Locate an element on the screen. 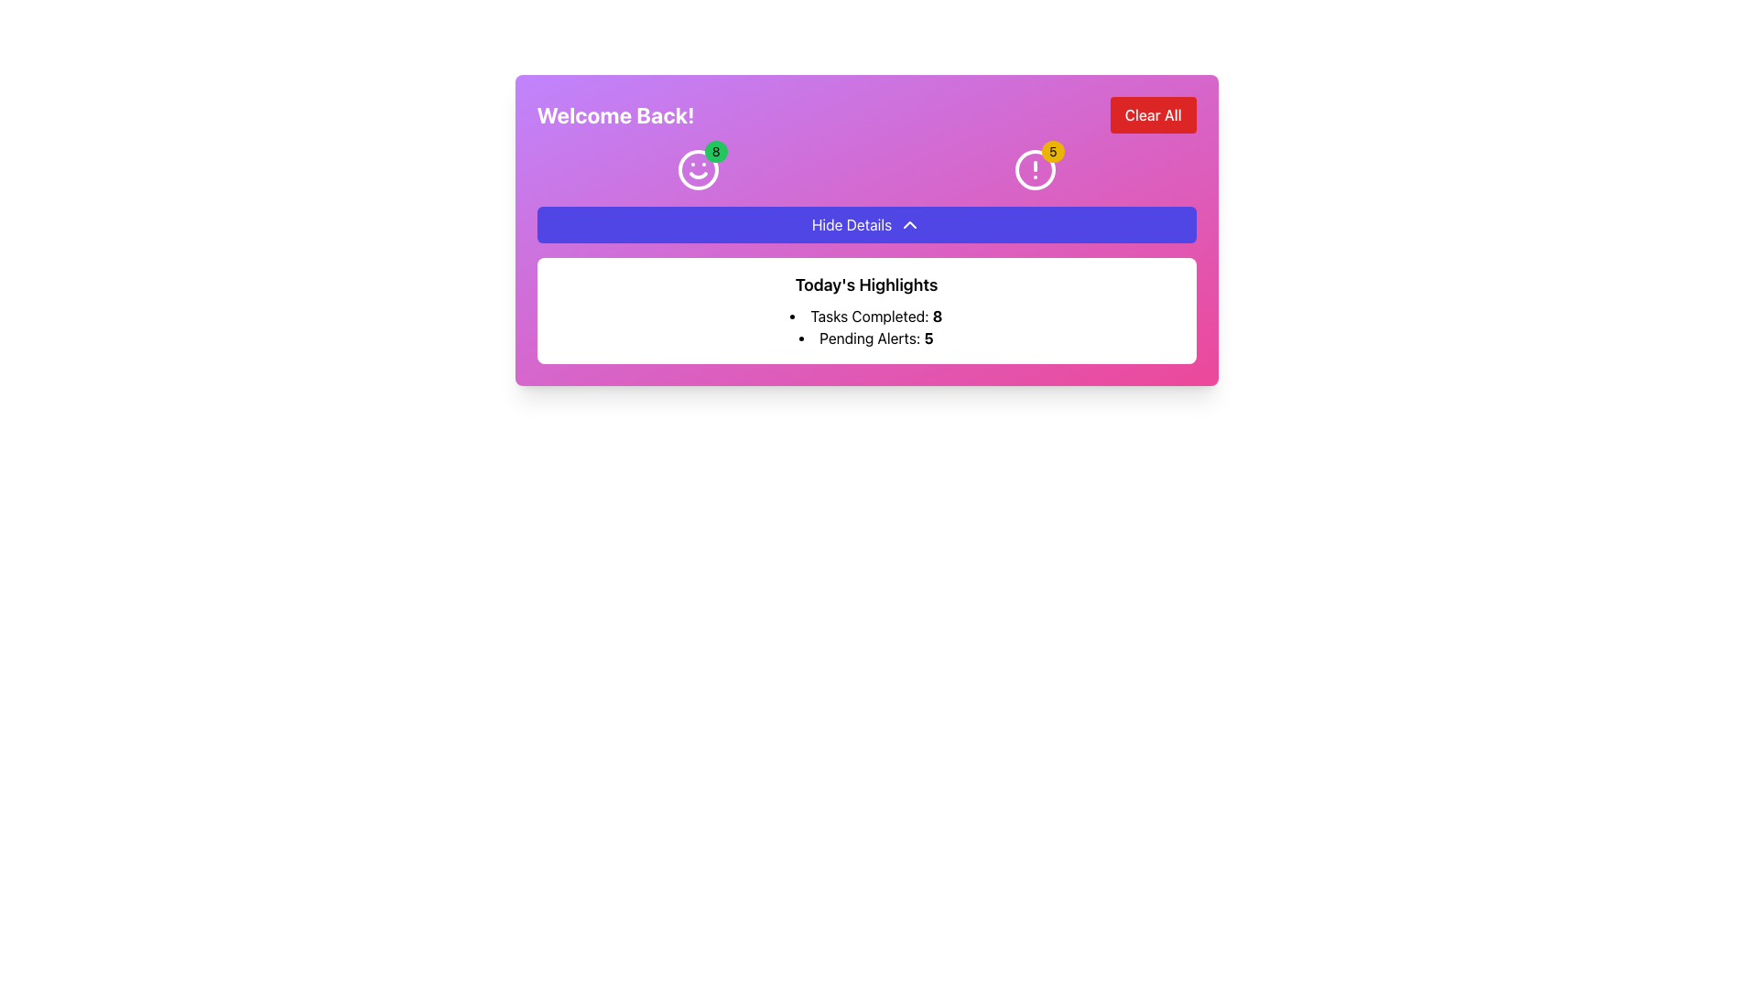 This screenshot has width=1758, height=988. the numeral '5' in the phrase 'Pending Alerts: 5', located in the 'Today's Highlights' section at the bottom-middle of the interface is located at coordinates (928, 338).